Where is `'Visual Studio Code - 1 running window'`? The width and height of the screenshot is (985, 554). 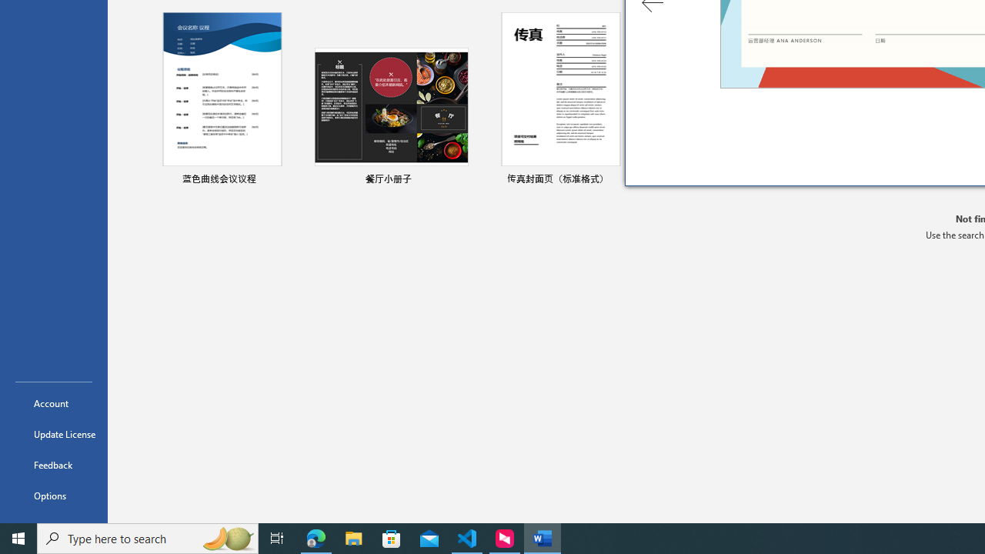
'Visual Studio Code - 1 running window' is located at coordinates (466, 537).